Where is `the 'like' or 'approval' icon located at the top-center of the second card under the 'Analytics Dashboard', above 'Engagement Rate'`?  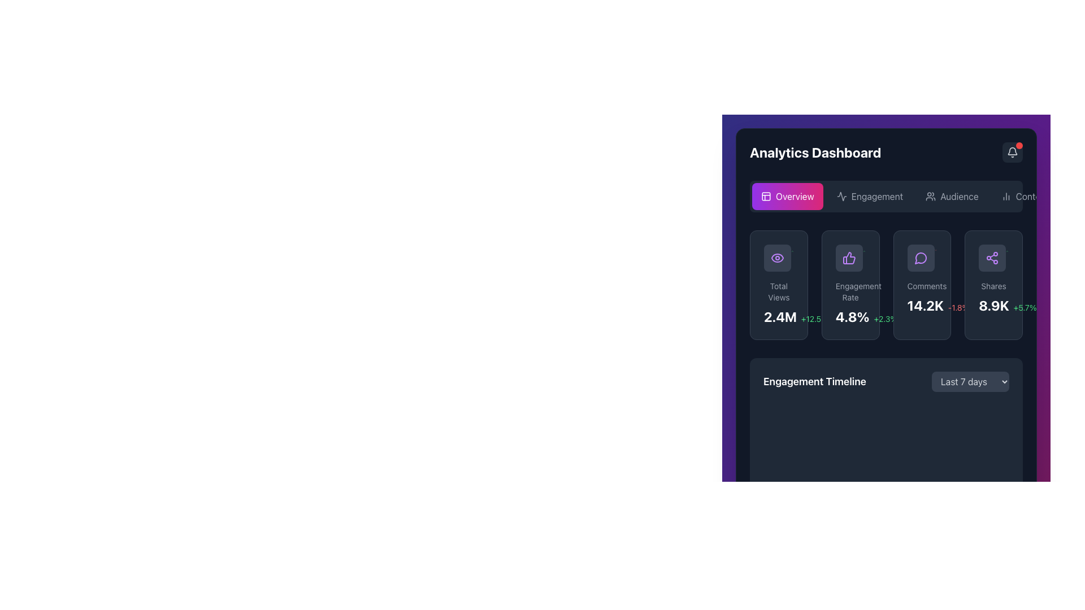 the 'like' or 'approval' icon located at the top-center of the second card under the 'Analytics Dashboard', above 'Engagement Rate' is located at coordinates (850, 258).